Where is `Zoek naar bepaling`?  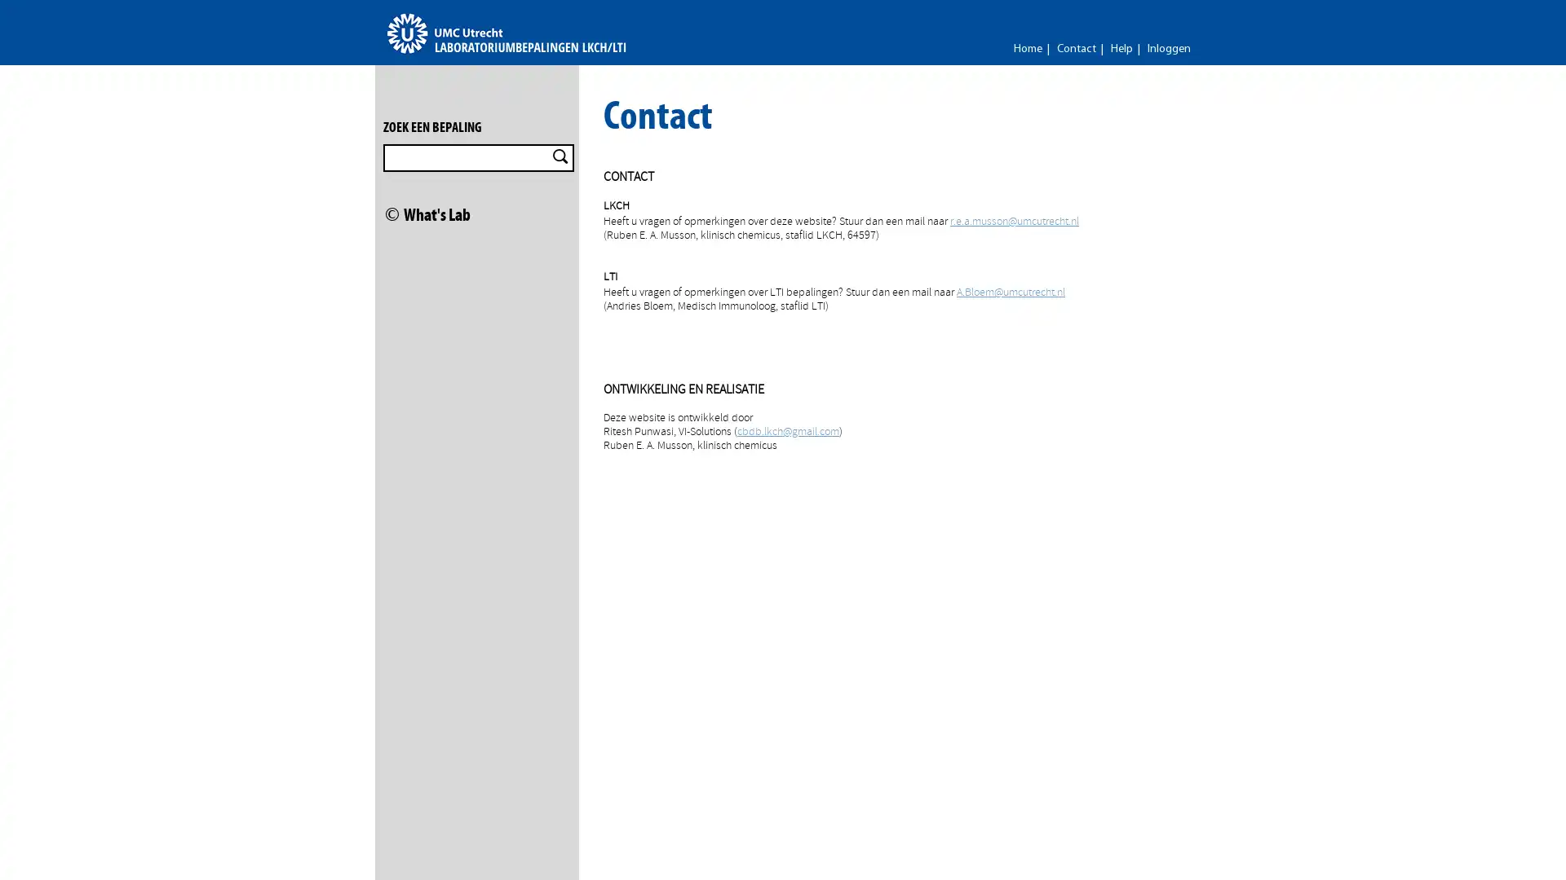 Zoek naar bepaling is located at coordinates (560, 156).